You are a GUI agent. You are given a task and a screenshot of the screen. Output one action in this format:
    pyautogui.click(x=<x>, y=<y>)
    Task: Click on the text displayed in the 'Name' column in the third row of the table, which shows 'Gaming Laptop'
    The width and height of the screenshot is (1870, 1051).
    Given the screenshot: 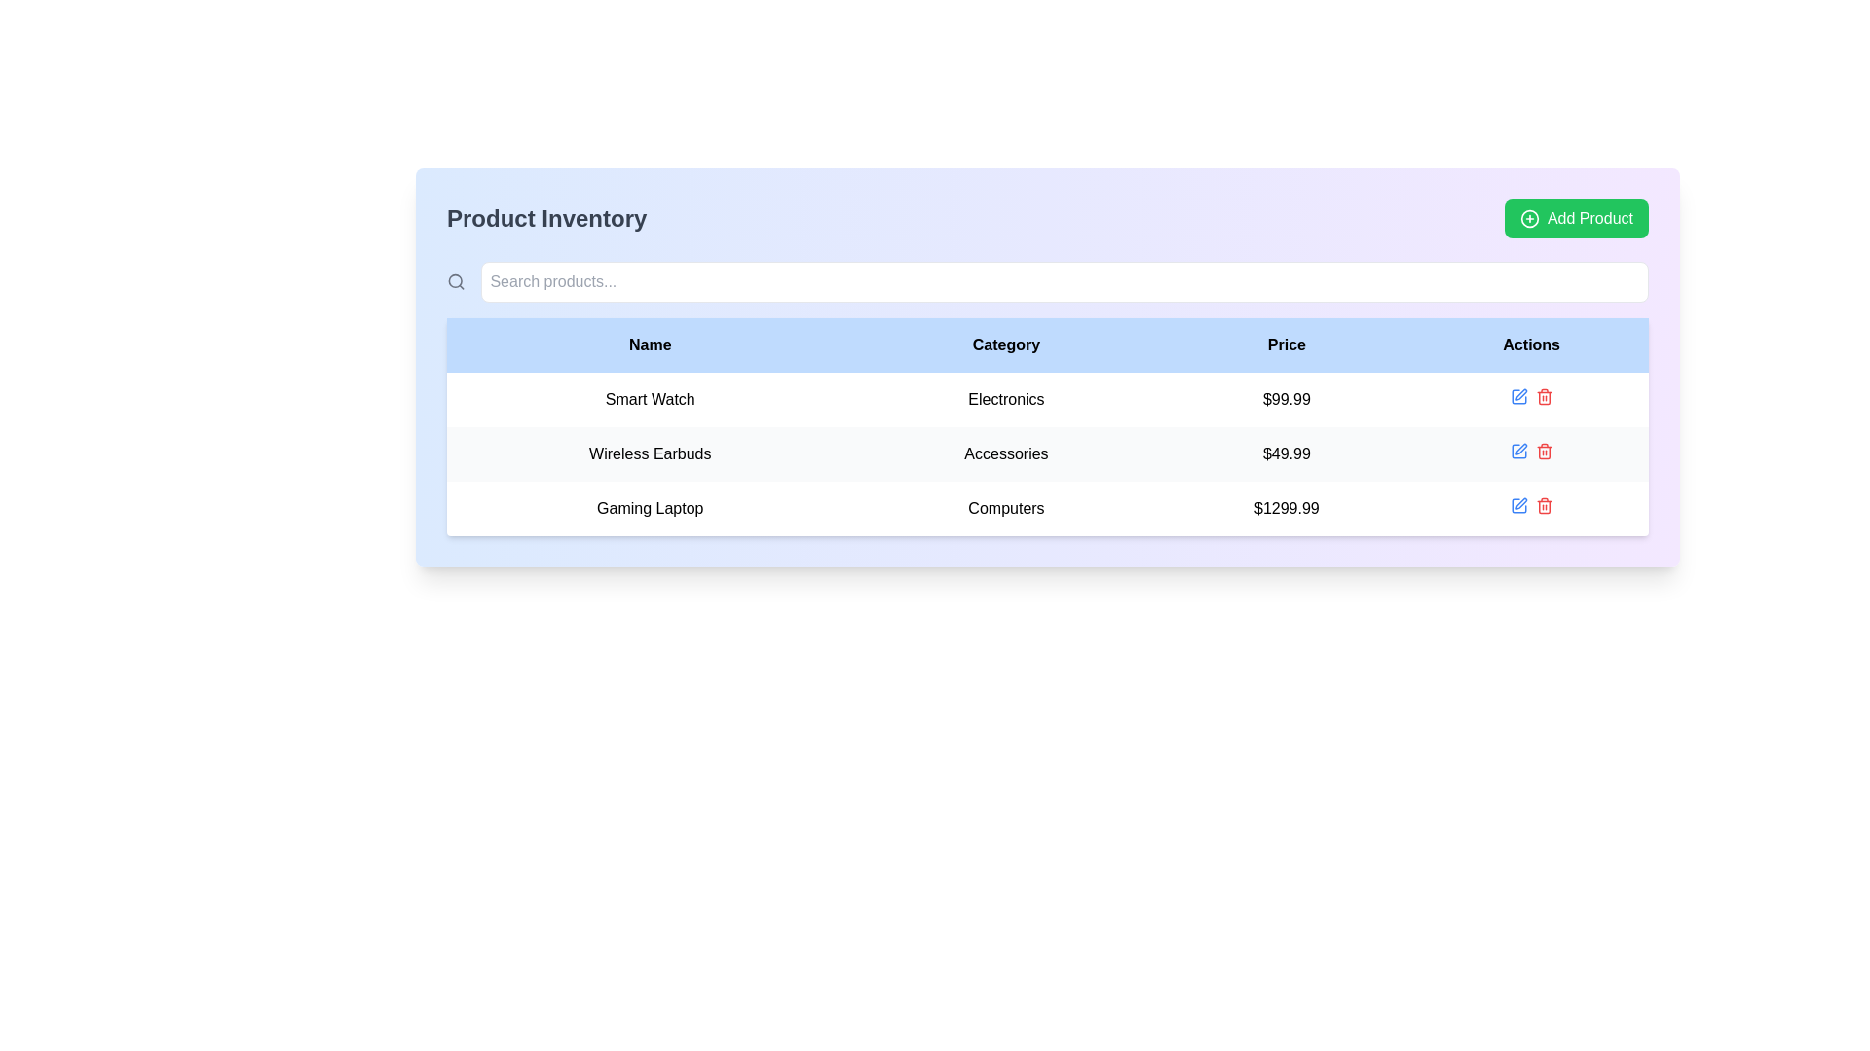 What is the action you would take?
    pyautogui.click(x=650, y=508)
    